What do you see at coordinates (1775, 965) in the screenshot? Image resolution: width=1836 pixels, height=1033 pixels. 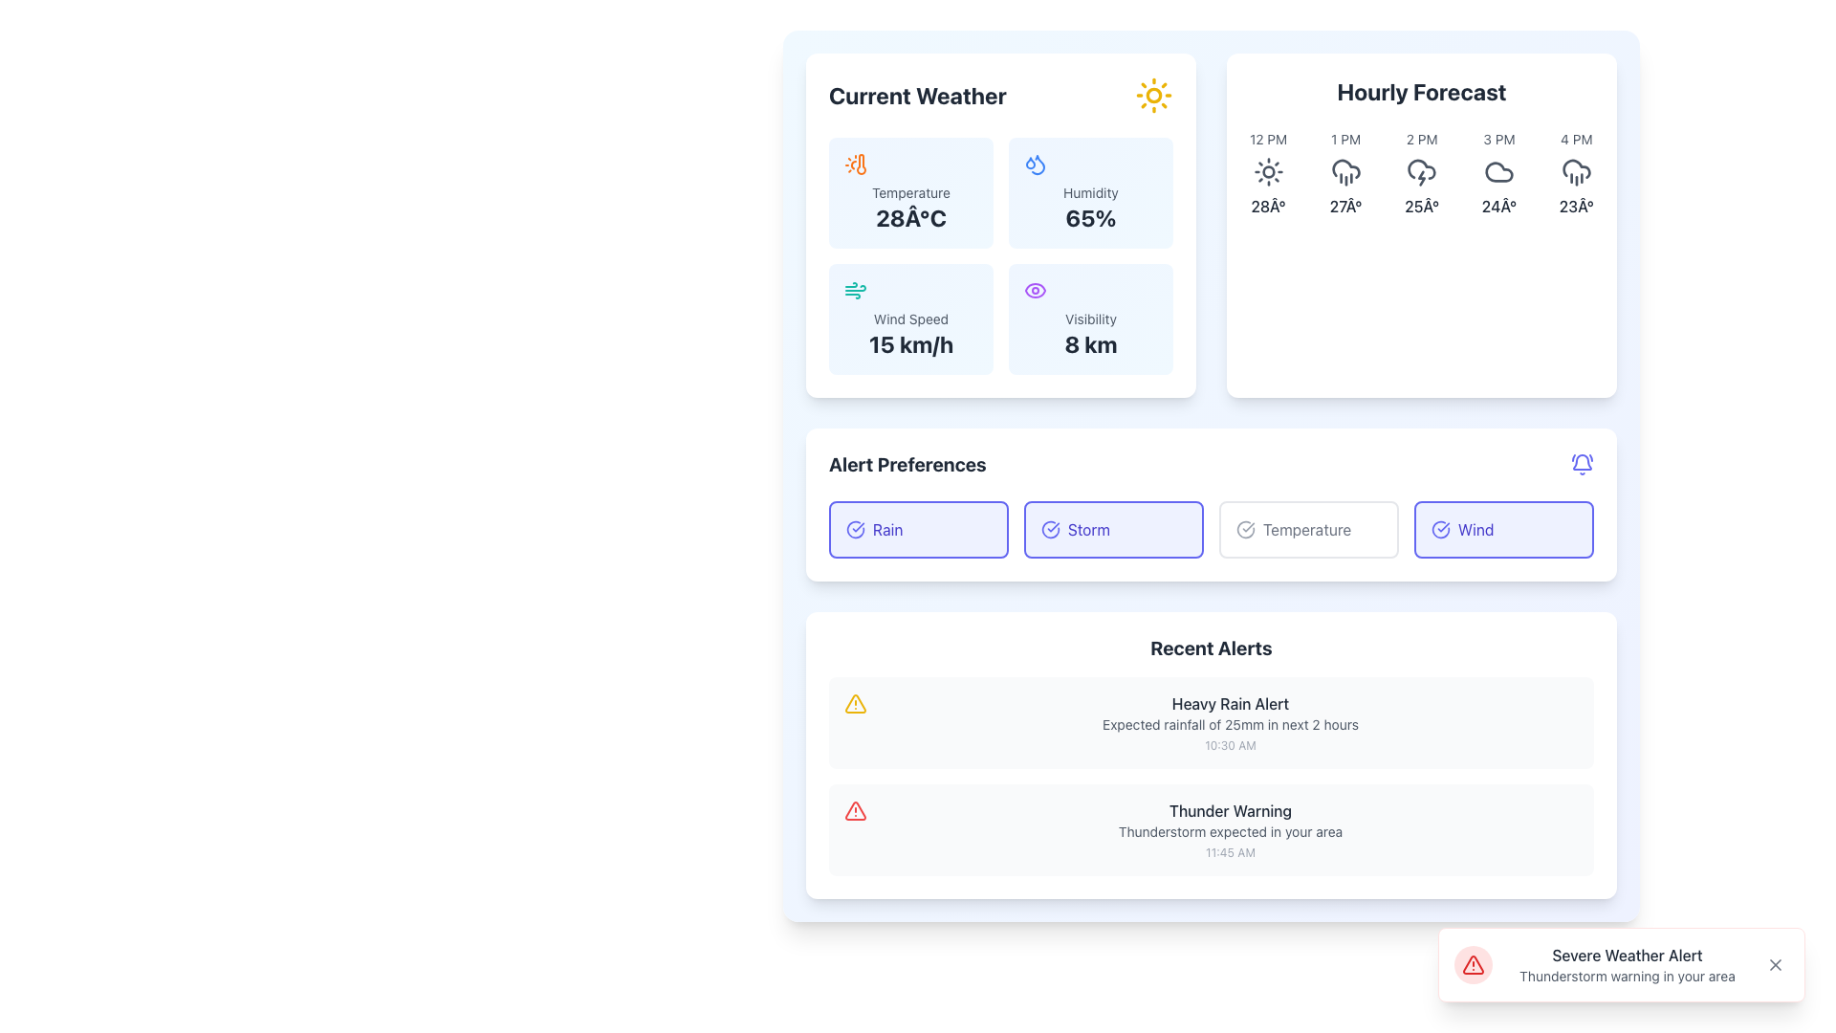 I see `the 'X' icon button located in the top-right corner of the 'Severe Weather Alert' notification card` at bounding box center [1775, 965].